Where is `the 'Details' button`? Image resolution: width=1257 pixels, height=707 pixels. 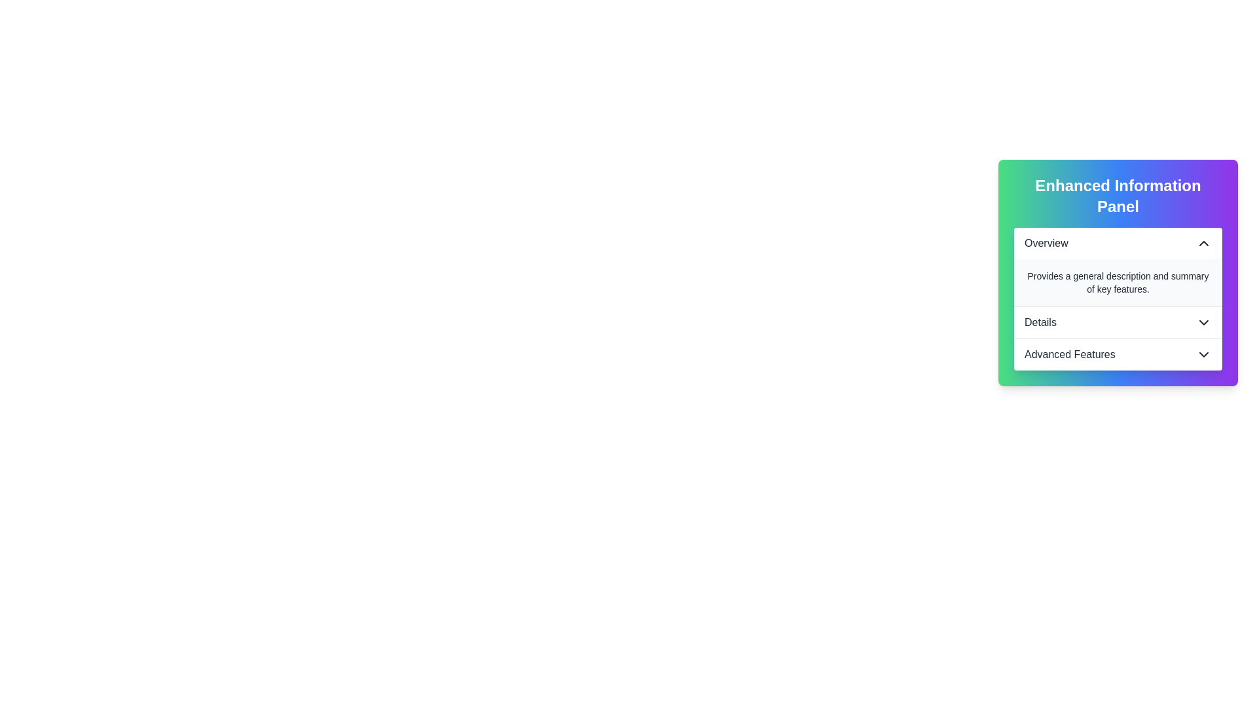
the 'Details' button is located at coordinates (1118, 322).